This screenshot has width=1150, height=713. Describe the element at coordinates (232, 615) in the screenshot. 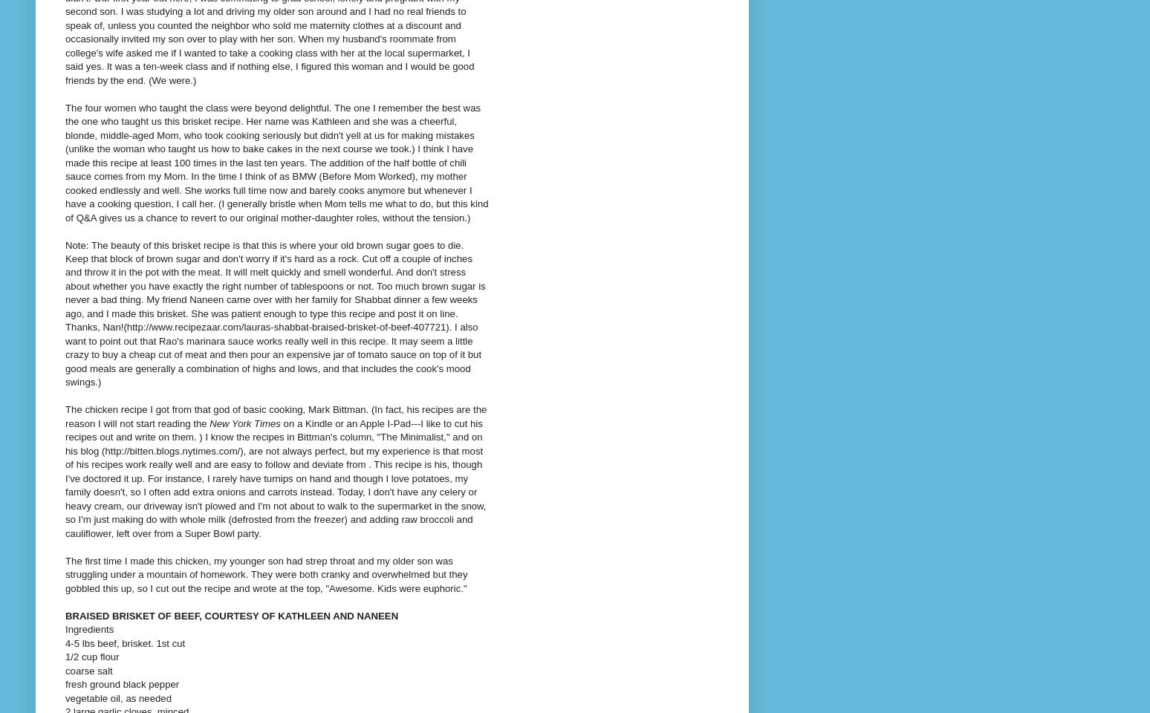

I see `'BRAISED BRISKET OF BEEF, COURTESY OF KATHLEEN AND NANEEN'` at that location.